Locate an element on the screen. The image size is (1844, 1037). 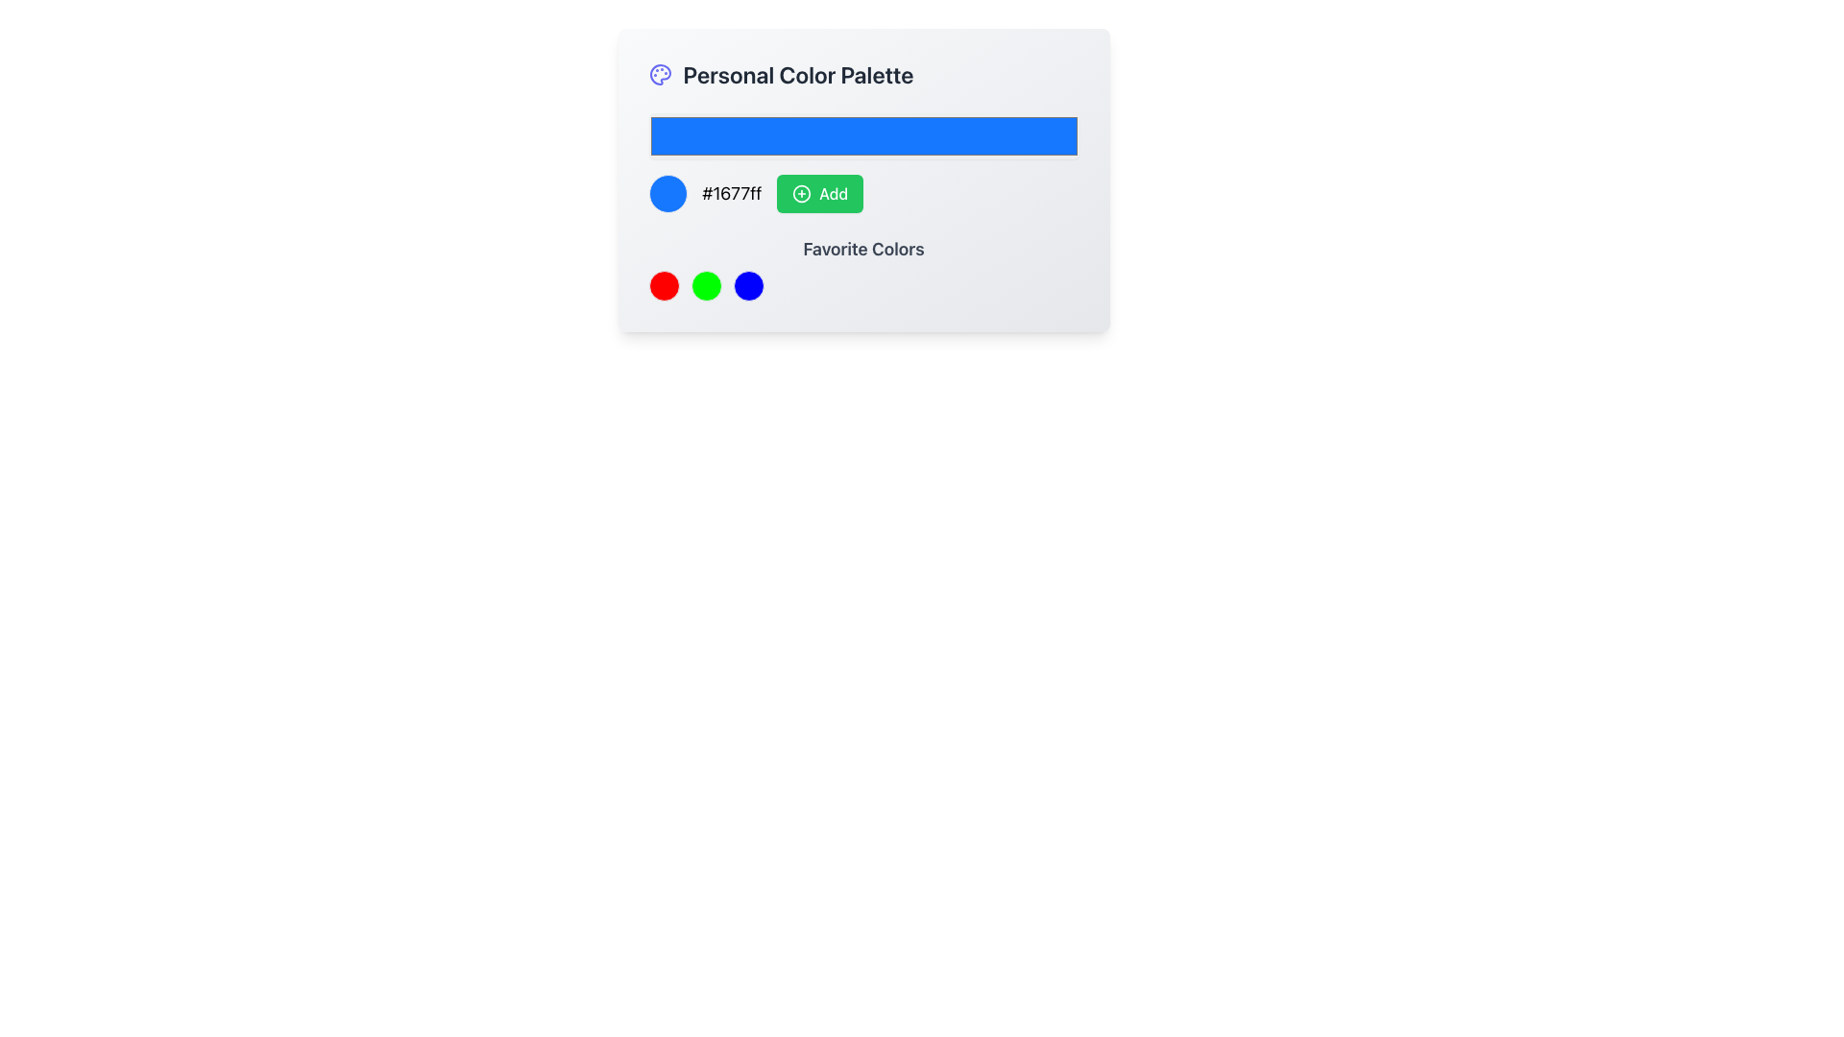
the Color input field is located at coordinates (862, 135).